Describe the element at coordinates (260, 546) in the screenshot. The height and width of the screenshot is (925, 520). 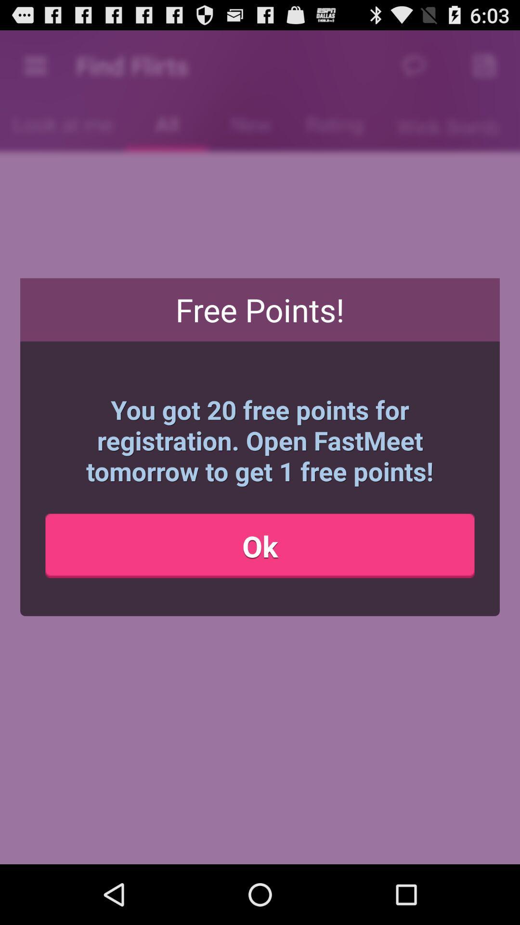
I see `the item below the you got 20 icon` at that location.